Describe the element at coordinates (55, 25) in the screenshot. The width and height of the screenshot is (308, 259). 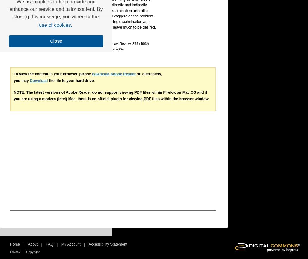
I see `'use of cookies.'` at that location.